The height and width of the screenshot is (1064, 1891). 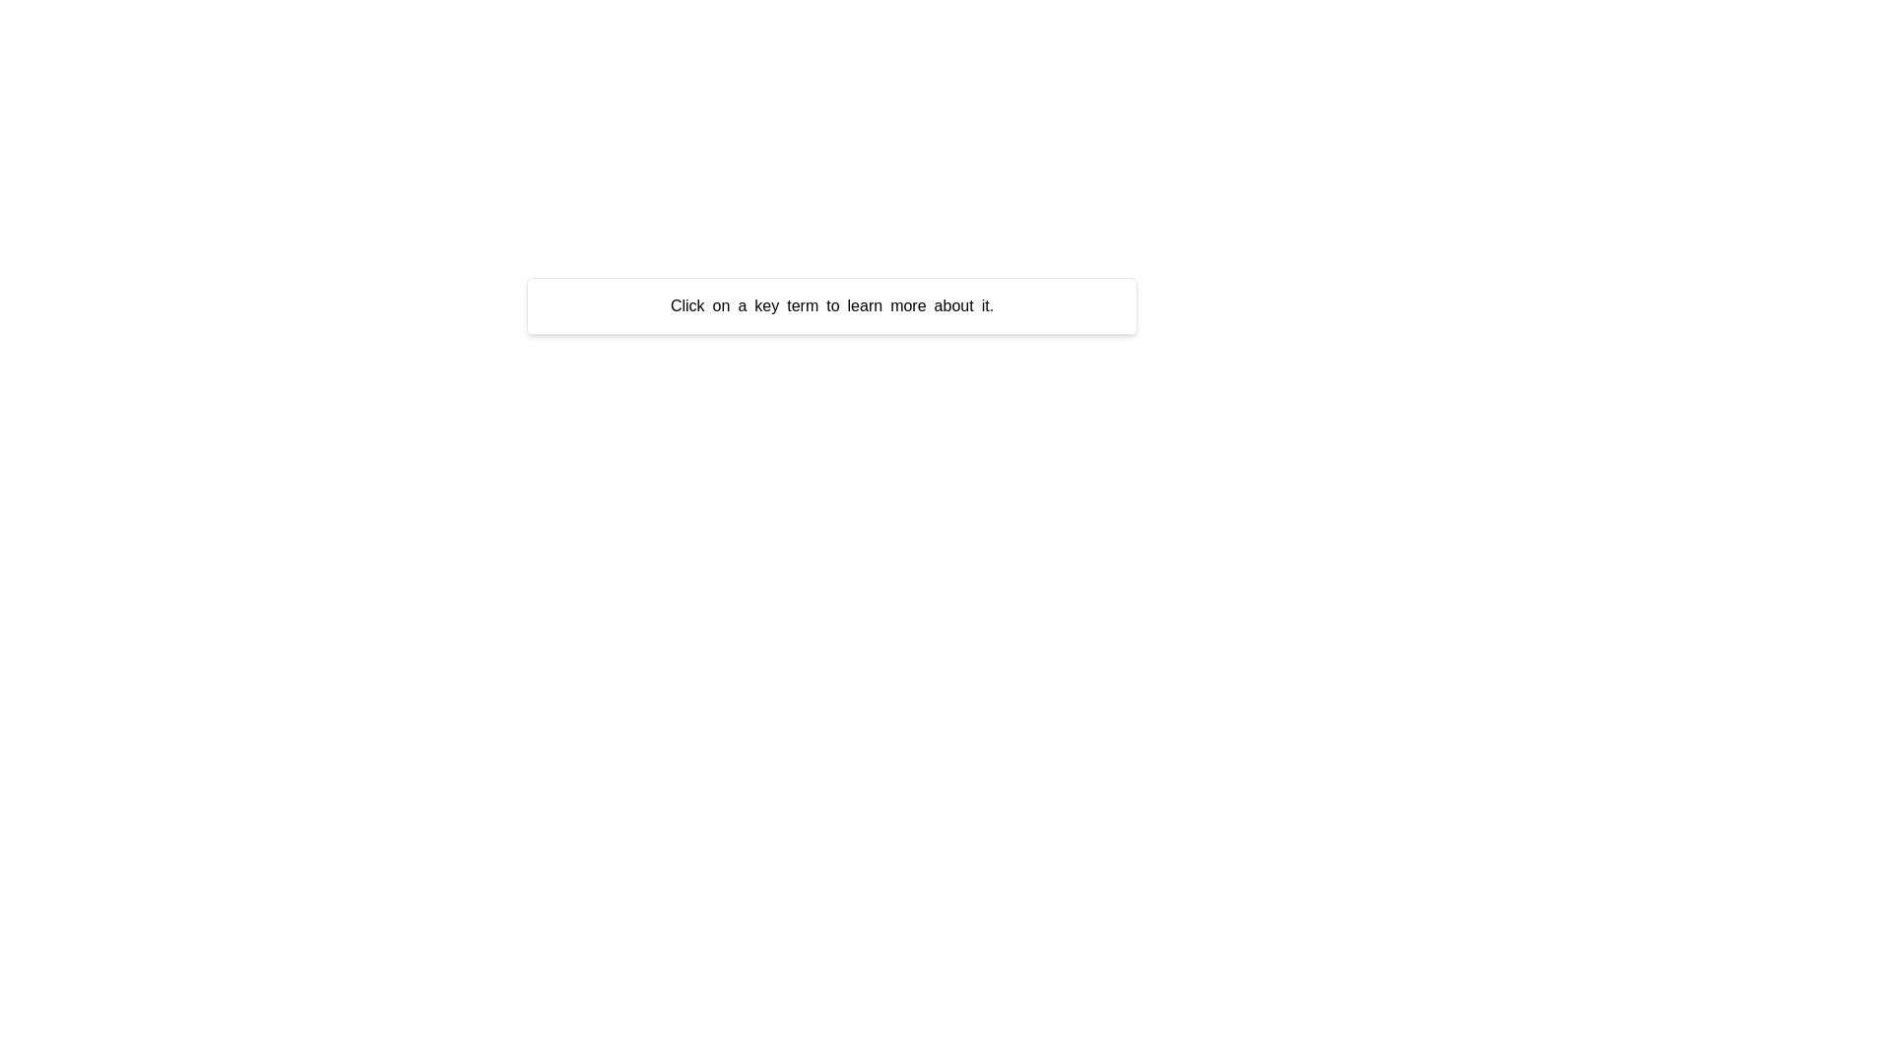 I want to click on the fourth word in the sentence within the bordered and shadowed panel, which is preceded by 'Click', 'on', and 'a', and followed by 'term', so click(x=765, y=305).